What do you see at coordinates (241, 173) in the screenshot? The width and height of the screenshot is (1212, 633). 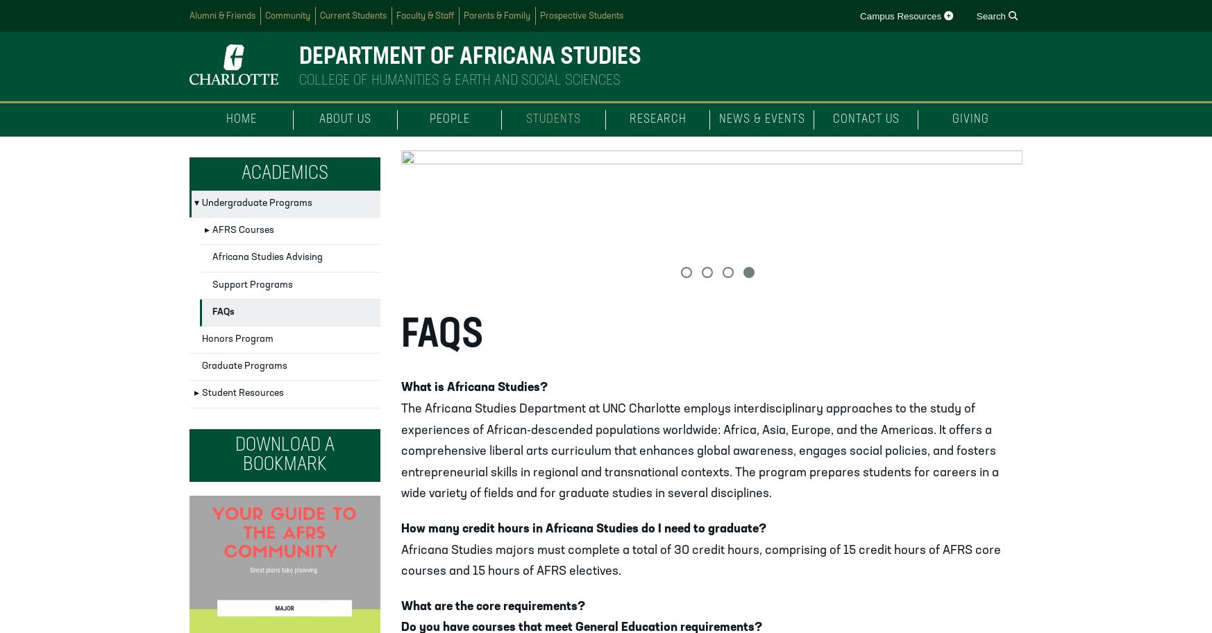 I see `'Academics'` at bounding box center [241, 173].